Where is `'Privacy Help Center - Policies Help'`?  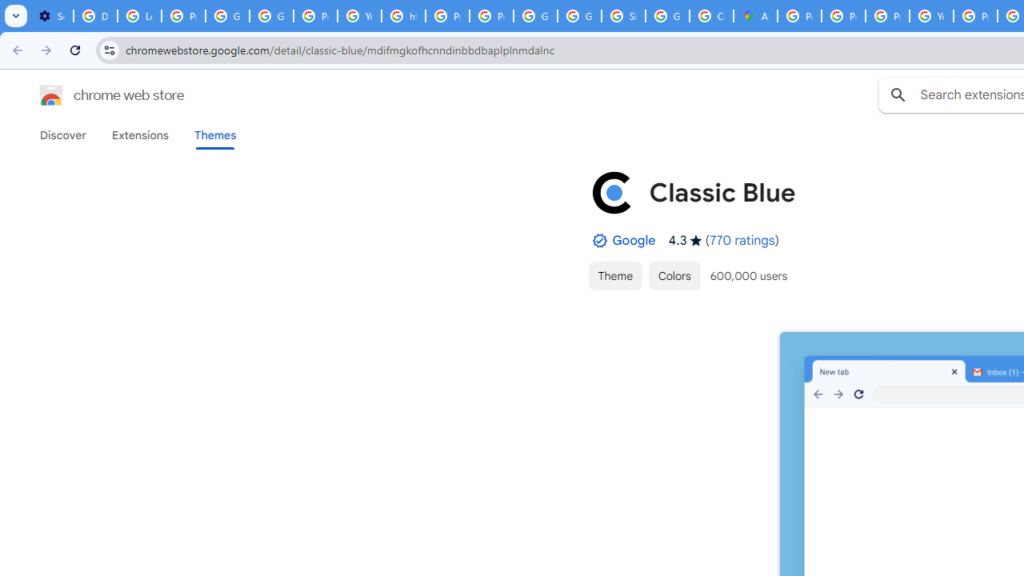
'Privacy Help Center - Policies Help' is located at coordinates (842, 16).